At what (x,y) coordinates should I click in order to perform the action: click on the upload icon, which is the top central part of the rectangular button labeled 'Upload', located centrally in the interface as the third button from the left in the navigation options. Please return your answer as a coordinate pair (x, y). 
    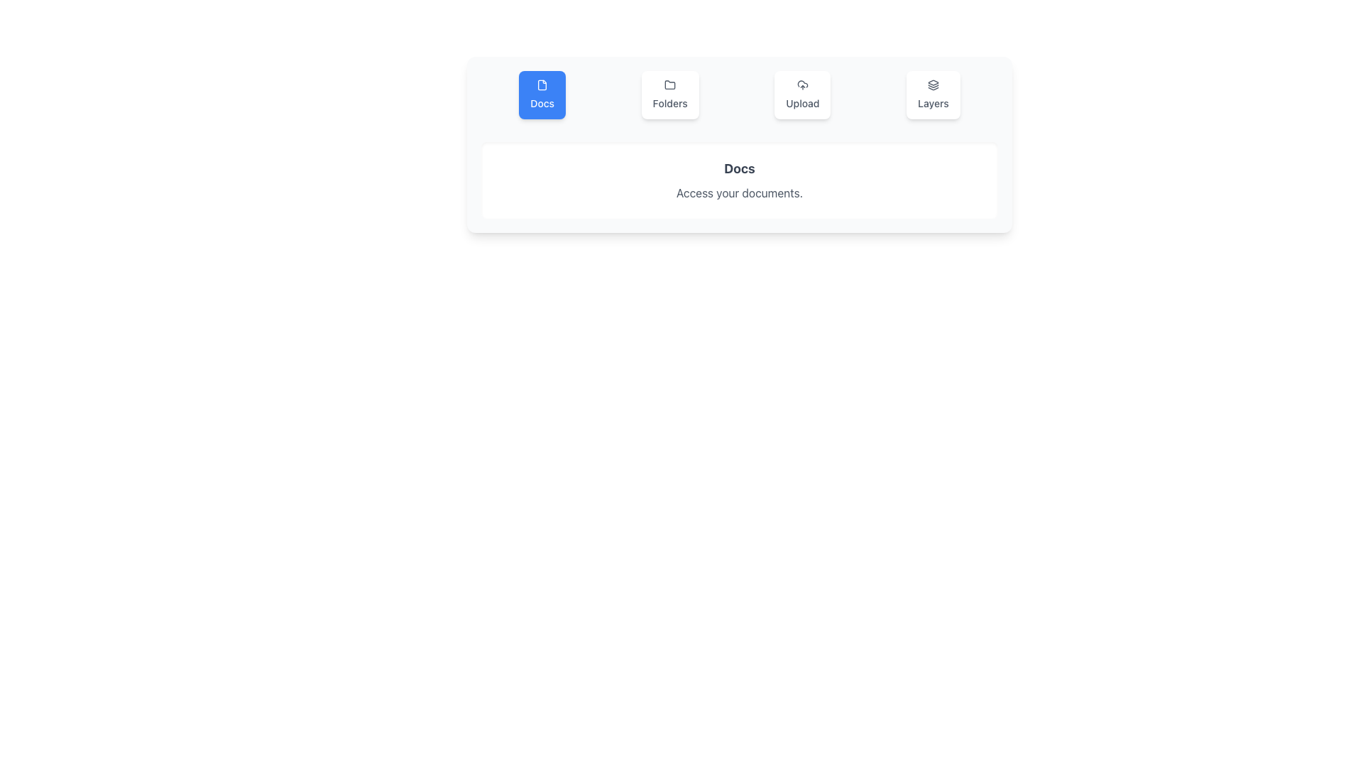
    Looking at the image, I should click on (802, 85).